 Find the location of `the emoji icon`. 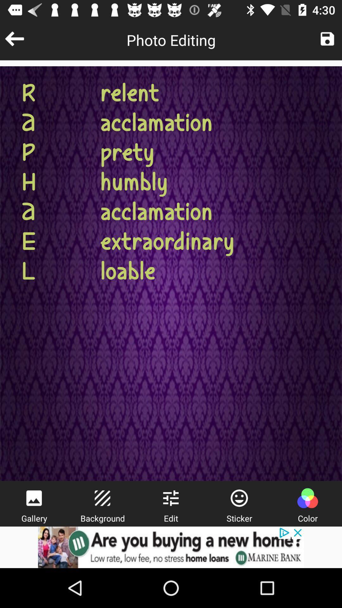

the emoji icon is located at coordinates (239, 498).